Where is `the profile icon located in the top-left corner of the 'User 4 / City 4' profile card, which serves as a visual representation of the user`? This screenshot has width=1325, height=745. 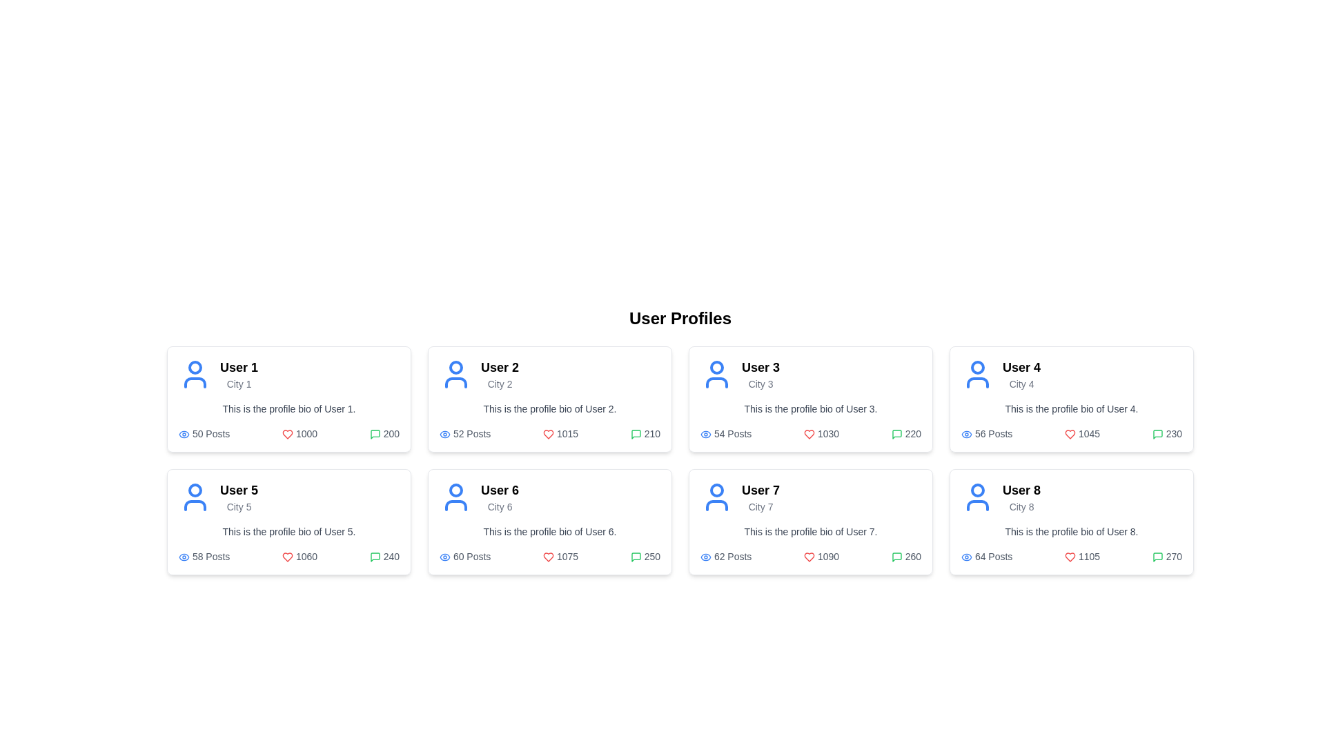
the profile icon located in the top-left corner of the 'User 4 / City 4' profile card, which serves as a visual representation of the user is located at coordinates (976, 375).